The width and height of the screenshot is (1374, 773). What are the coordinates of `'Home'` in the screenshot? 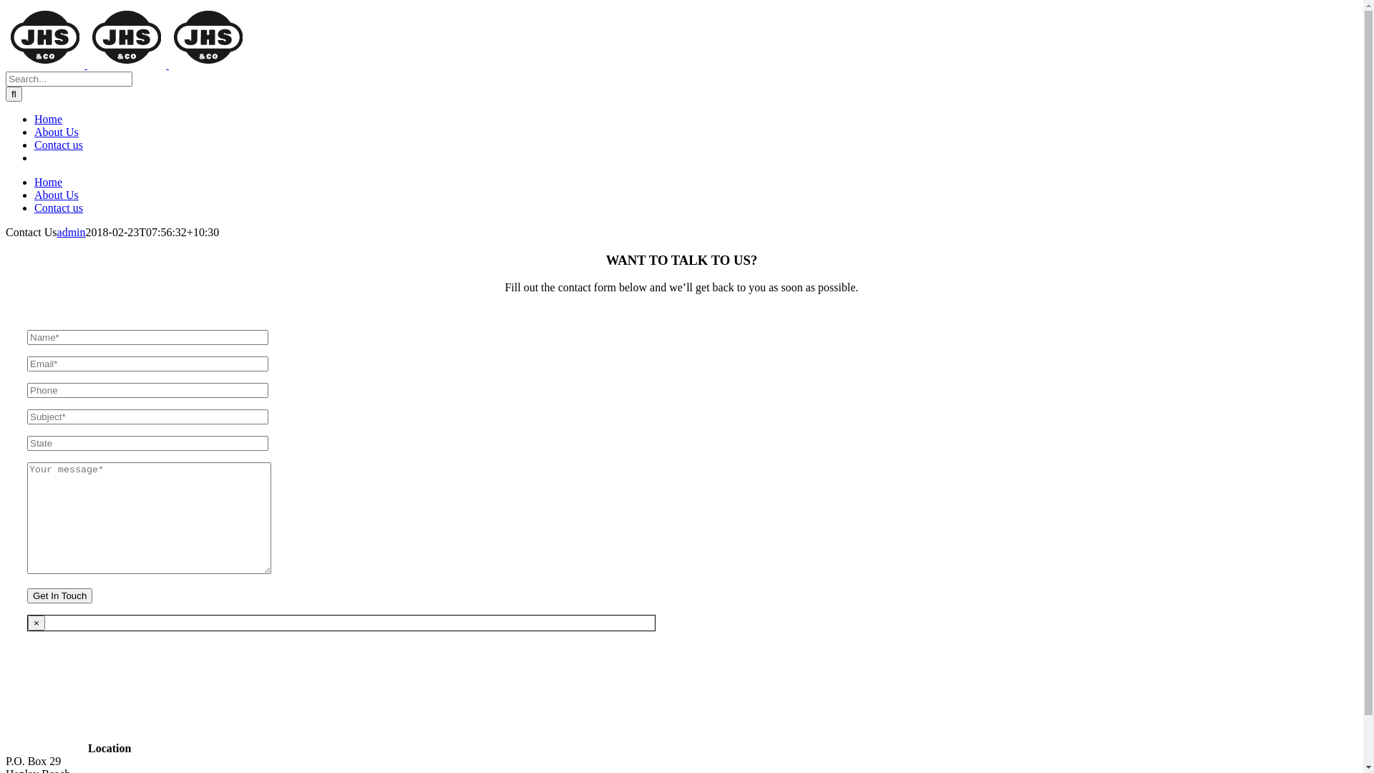 It's located at (48, 181).